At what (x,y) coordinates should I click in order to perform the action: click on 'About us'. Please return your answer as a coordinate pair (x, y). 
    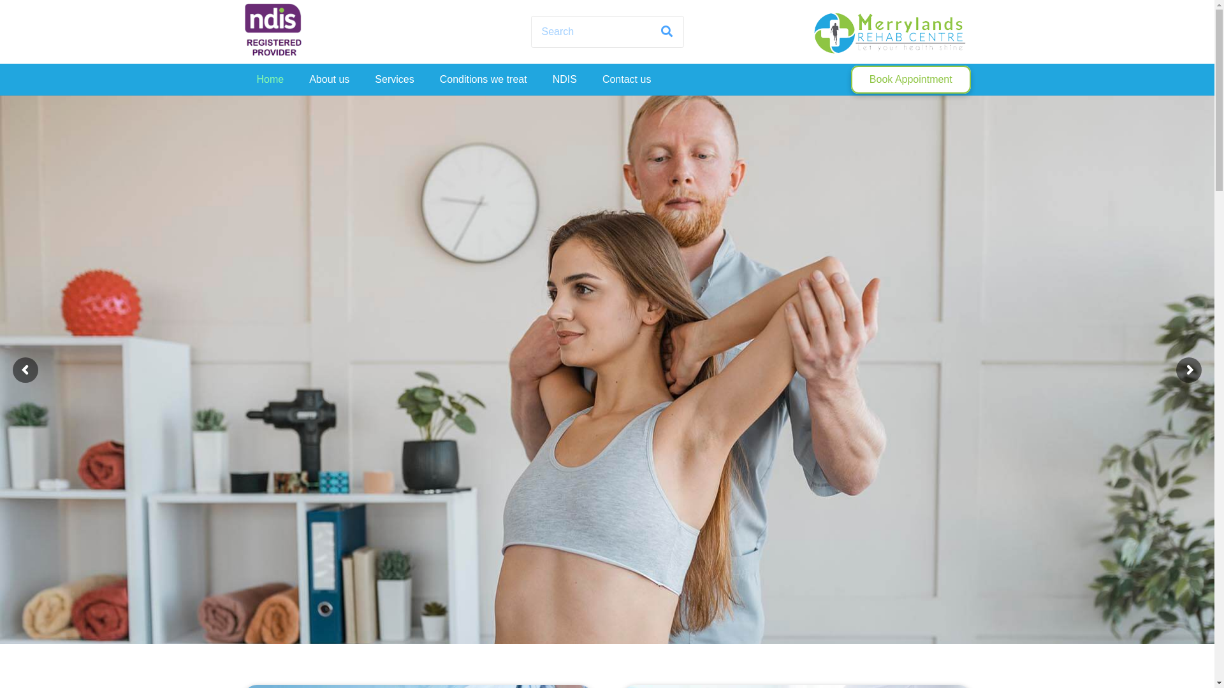
    Looking at the image, I should click on (329, 79).